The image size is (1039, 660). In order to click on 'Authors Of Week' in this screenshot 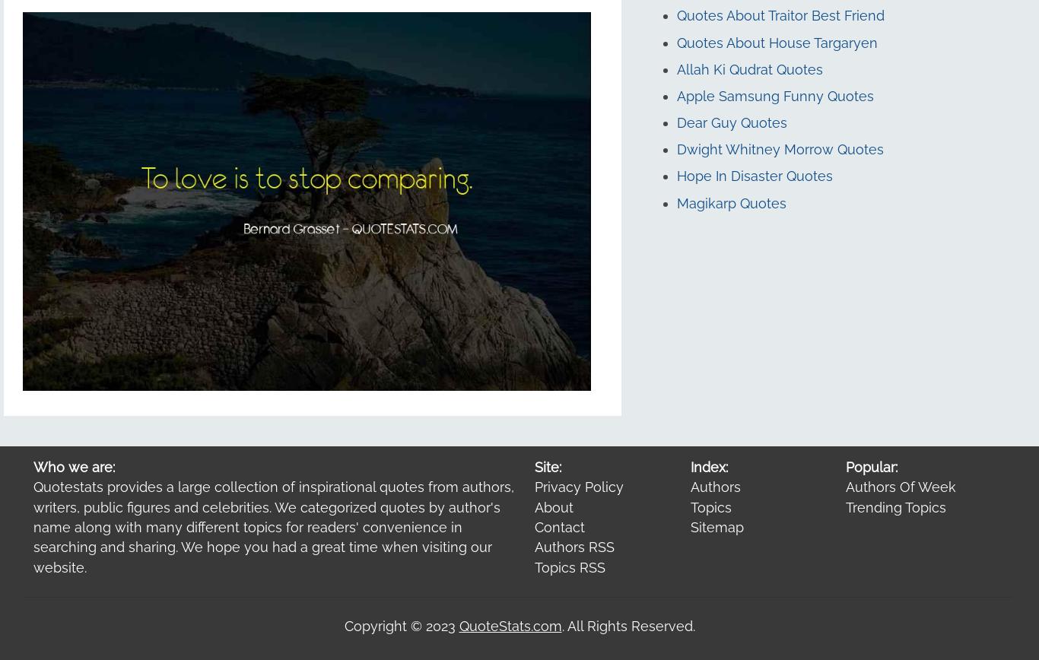, I will do `click(901, 487)`.